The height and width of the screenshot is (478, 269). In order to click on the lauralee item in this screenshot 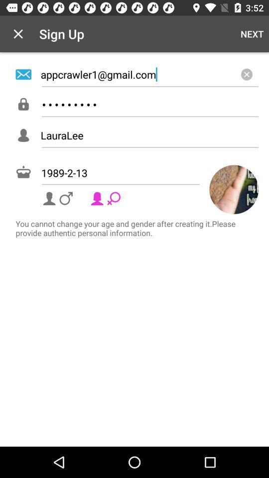, I will do `click(149, 134)`.